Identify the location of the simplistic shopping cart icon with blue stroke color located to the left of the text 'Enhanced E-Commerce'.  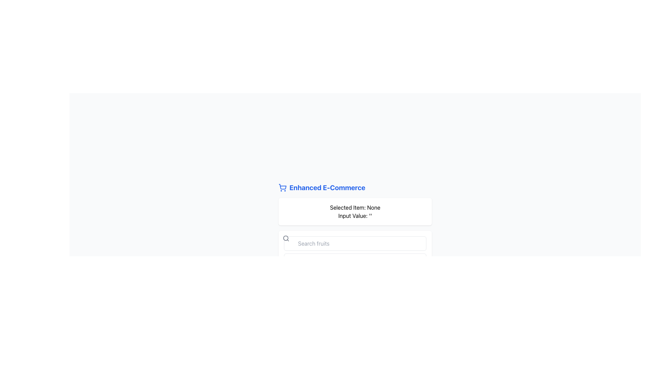
(282, 187).